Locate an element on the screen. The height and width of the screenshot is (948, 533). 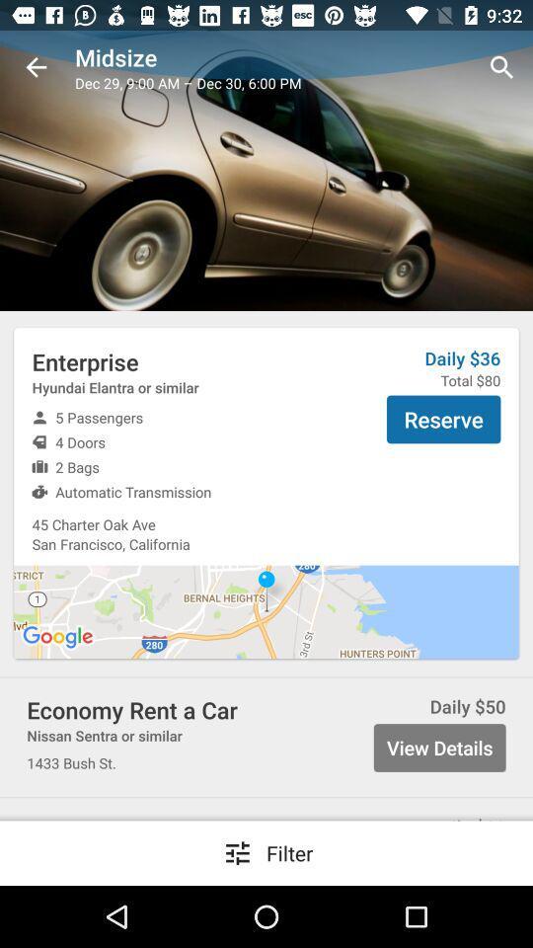
google is located at coordinates (59, 636).